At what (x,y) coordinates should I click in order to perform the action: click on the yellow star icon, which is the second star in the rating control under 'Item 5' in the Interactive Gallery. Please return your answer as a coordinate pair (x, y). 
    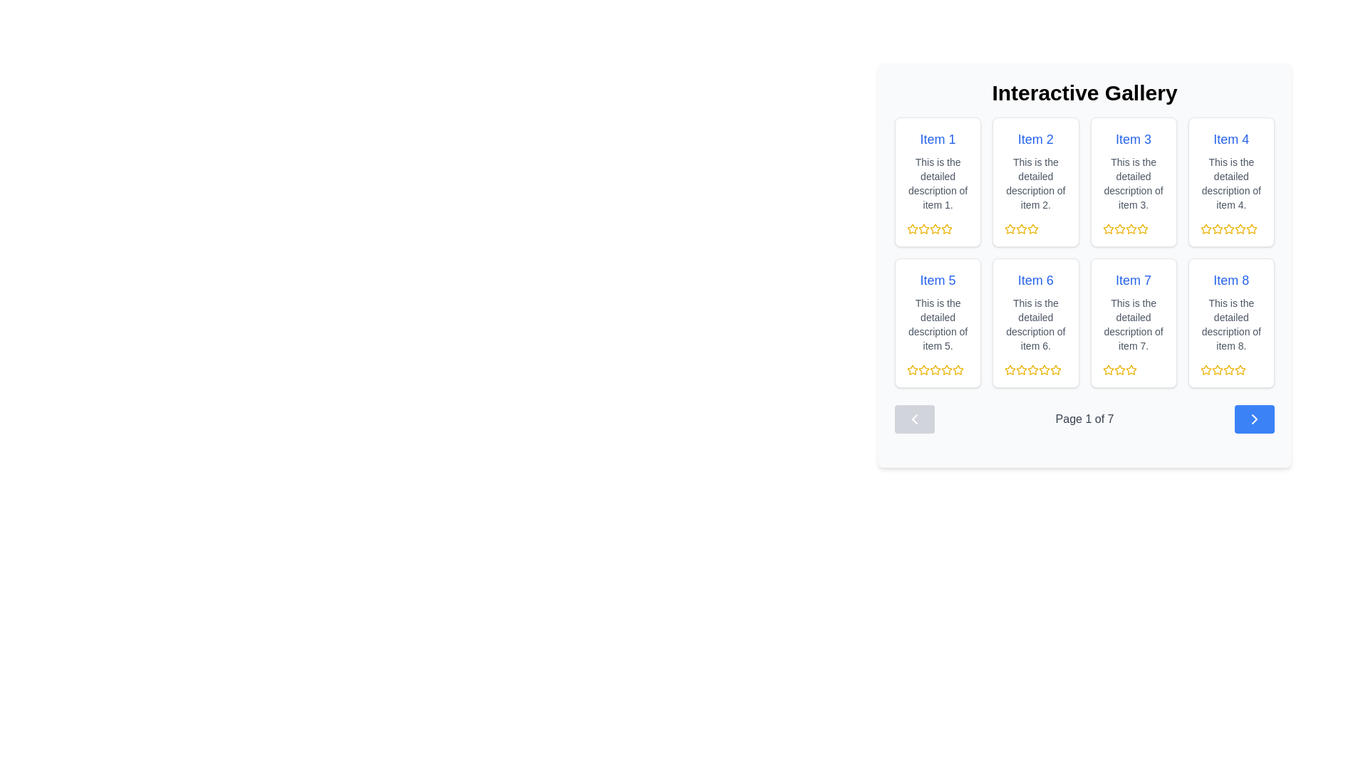
    Looking at the image, I should click on (934, 369).